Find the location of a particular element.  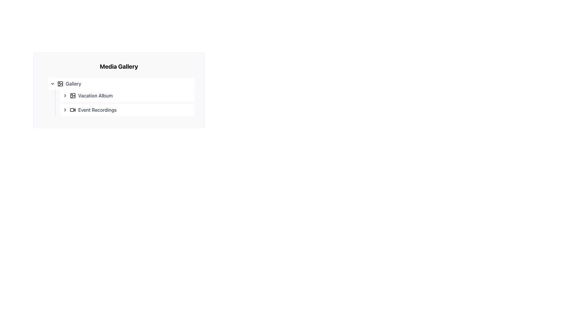

the right-pointing arrow icon is located at coordinates (65, 110).